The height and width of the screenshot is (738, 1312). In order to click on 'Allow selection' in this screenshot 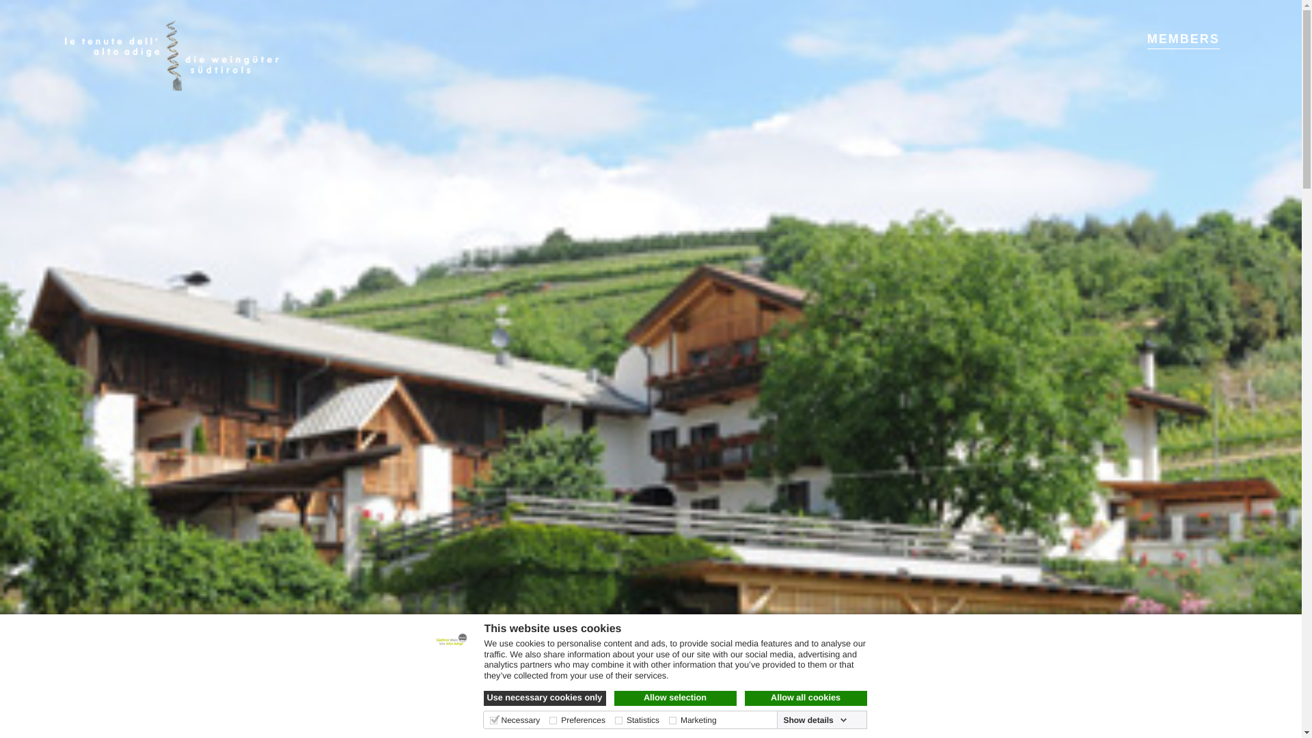, I will do `click(612, 698)`.